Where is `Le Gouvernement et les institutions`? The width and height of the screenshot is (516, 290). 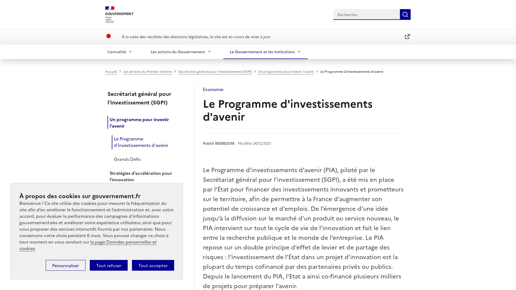 Le Gouvernement et les institutions is located at coordinates (266, 51).